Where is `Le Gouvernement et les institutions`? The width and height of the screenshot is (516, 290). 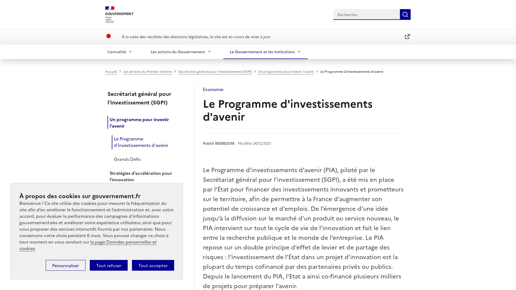 Le Gouvernement et les institutions is located at coordinates (266, 51).